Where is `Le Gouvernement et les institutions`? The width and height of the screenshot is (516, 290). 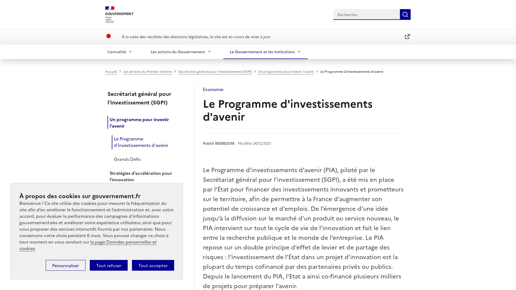 Le Gouvernement et les institutions is located at coordinates (266, 51).